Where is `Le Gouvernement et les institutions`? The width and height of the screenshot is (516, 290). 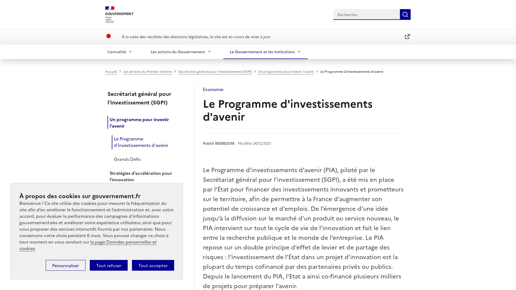 Le Gouvernement et les institutions is located at coordinates (266, 51).